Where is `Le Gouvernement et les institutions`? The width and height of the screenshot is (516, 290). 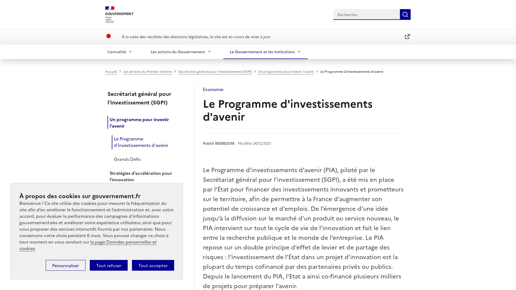 Le Gouvernement et les institutions is located at coordinates (266, 51).